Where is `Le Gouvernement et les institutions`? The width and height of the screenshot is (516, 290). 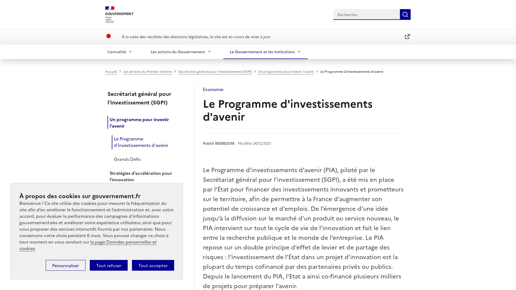 Le Gouvernement et les institutions is located at coordinates (266, 51).